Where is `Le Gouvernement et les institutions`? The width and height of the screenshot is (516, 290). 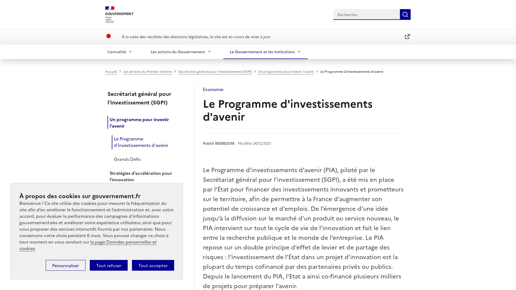 Le Gouvernement et les institutions is located at coordinates (266, 51).